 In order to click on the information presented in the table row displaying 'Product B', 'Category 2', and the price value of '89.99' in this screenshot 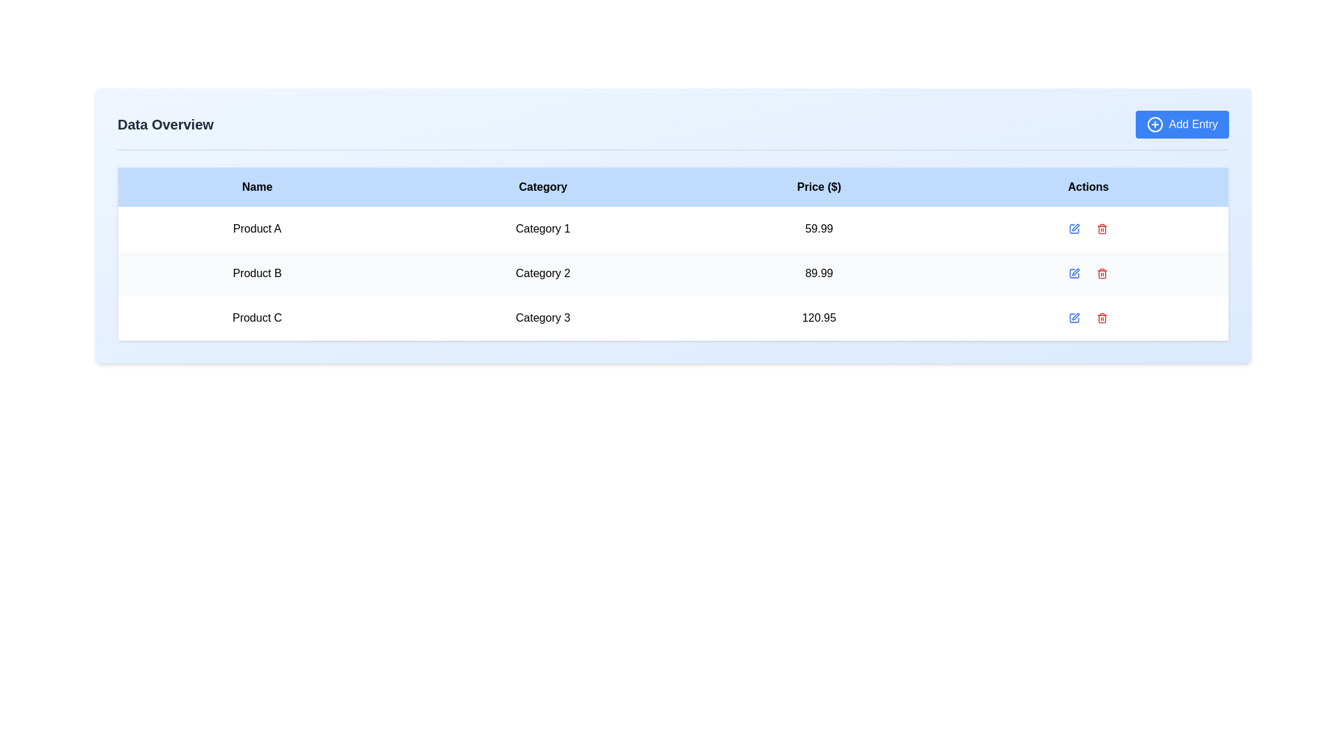, I will do `click(673, 274)`.